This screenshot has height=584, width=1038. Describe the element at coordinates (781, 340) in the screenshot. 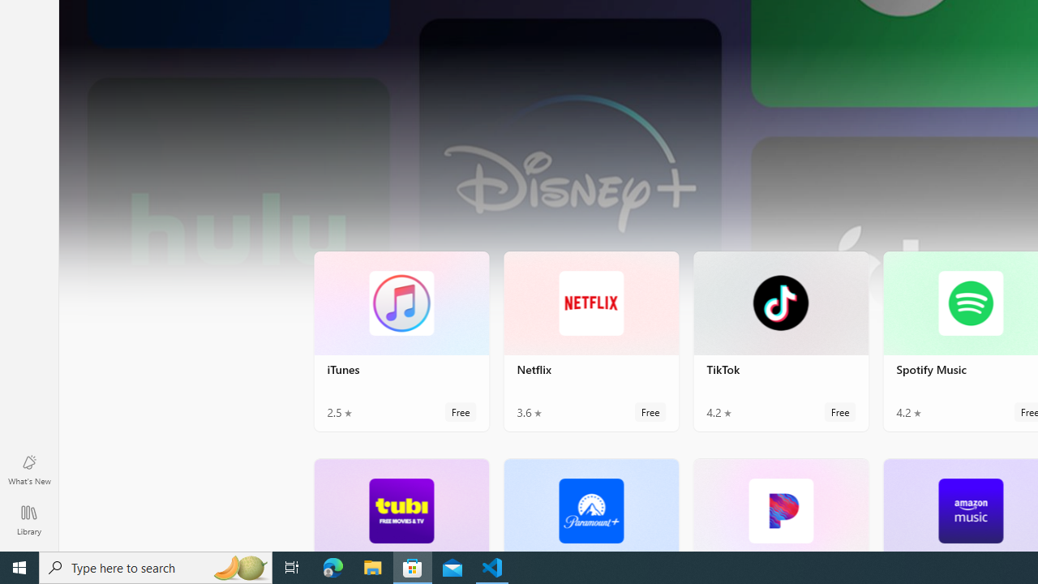

I see `'TikTok. Average rating of 4.2 out of five stars. Free  '` at that location.